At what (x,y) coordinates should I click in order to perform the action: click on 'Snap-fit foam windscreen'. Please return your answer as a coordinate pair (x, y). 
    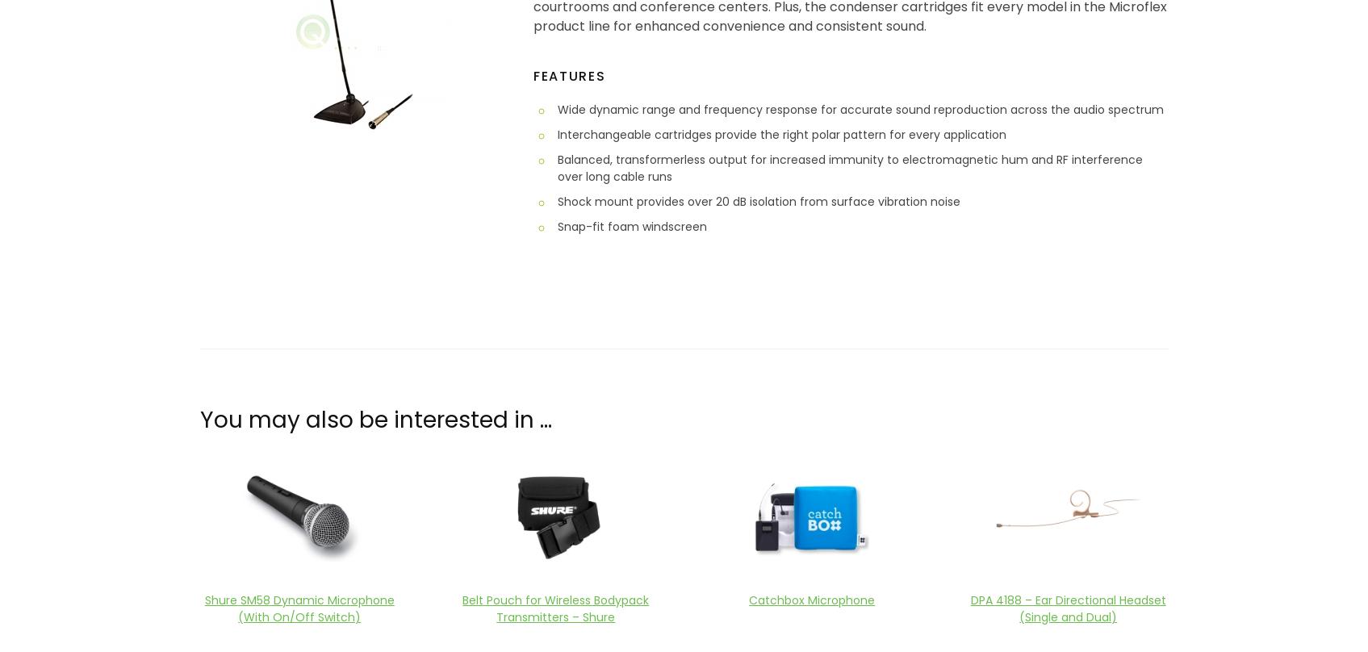
    Looking at the image, I should click on (630, 225).